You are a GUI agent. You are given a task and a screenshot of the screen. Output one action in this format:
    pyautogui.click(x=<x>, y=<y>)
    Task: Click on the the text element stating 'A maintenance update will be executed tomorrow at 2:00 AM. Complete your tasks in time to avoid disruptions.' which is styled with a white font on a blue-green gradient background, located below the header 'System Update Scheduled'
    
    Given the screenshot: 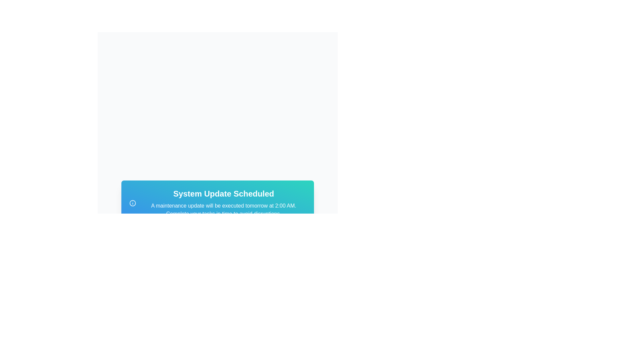 What is the action you would take?
    pyautogui.click(x=224, y=210)
    